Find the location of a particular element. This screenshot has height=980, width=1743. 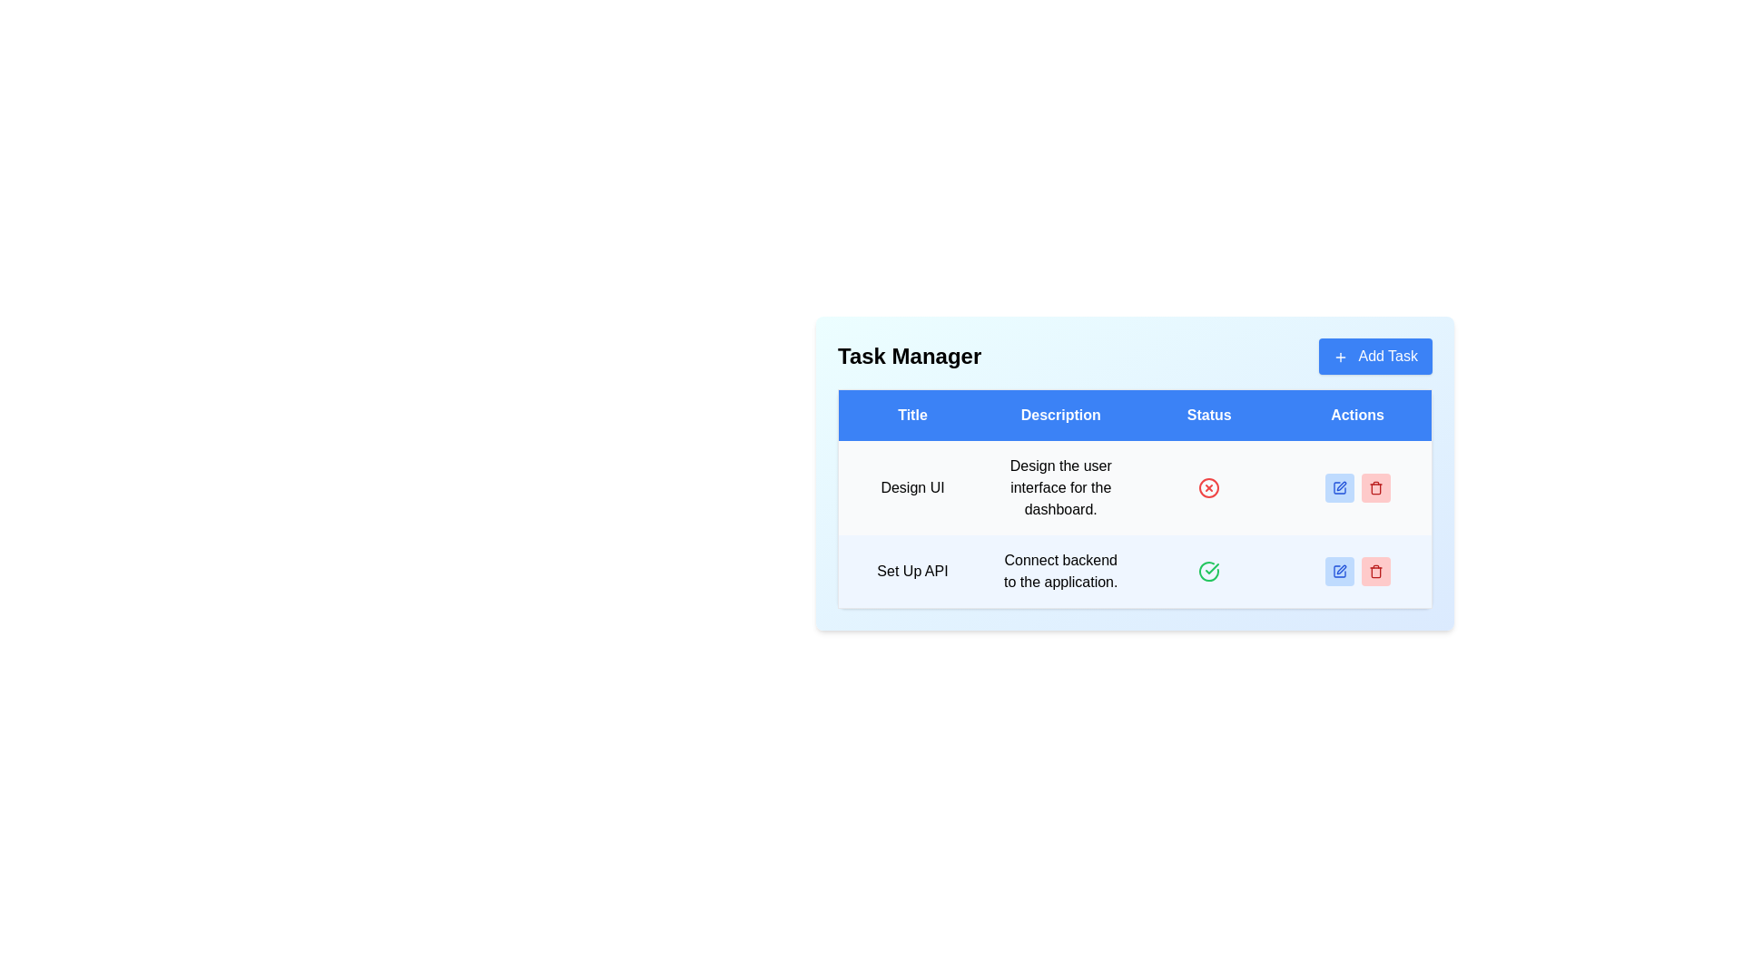

the interactive buttons in the 'Actions' column for the task titled 'Design UI' to trigger hover effects is located at coordinates (1357, 486).